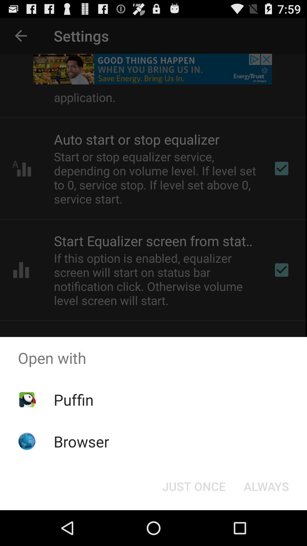  What do you see at coordinates (266, 486) in the screenshot?
I see `button next to the just once icon` at bounding box center [266, 486].